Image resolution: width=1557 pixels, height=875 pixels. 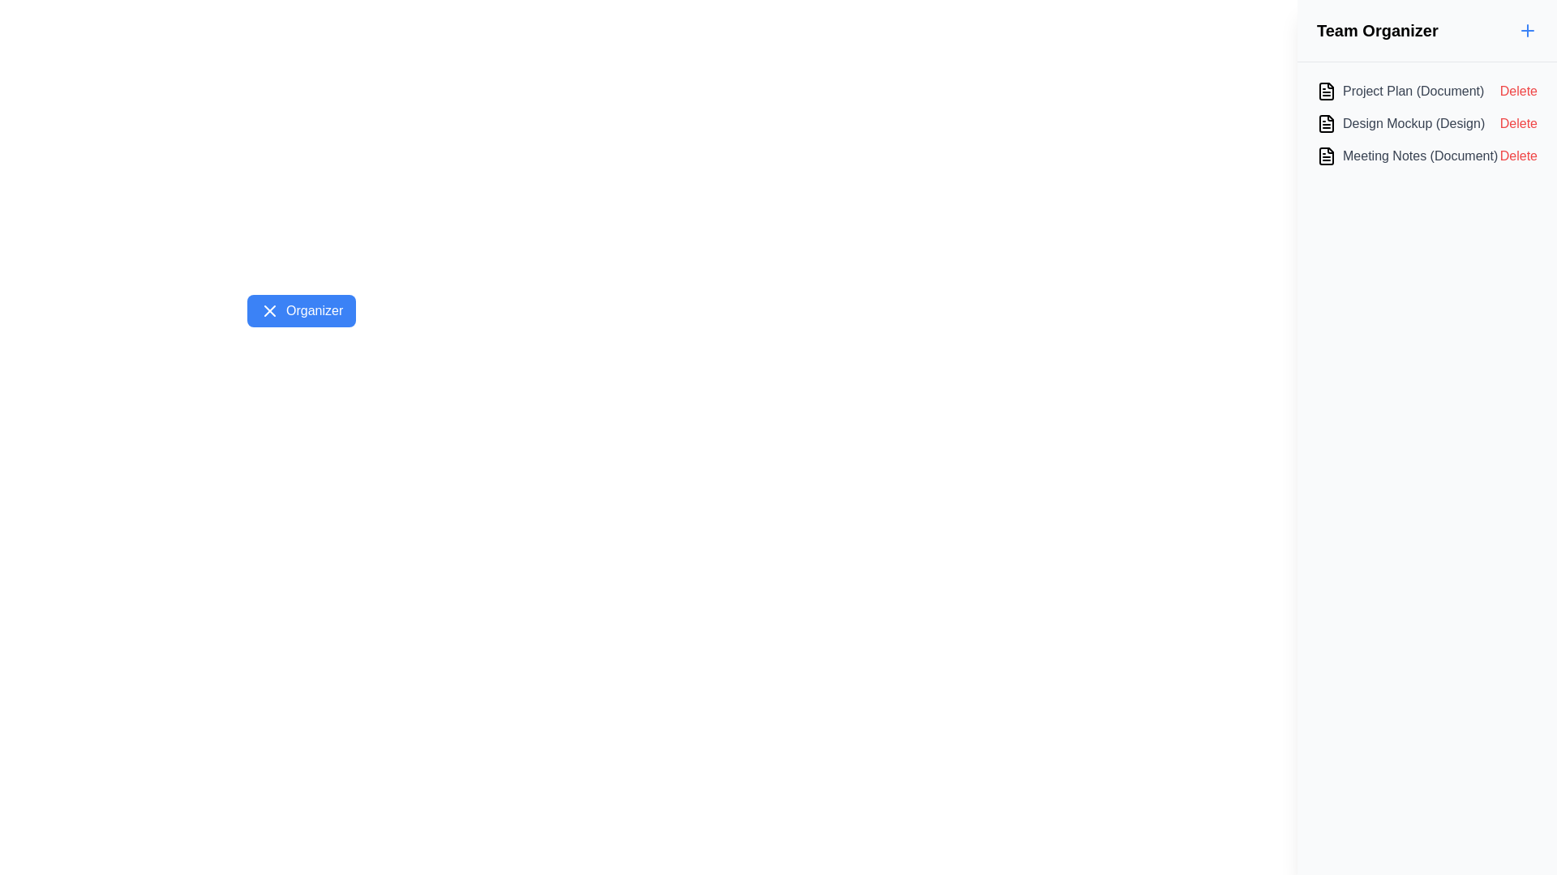 I want to click on the blue 'Organizer' button with white text and an 'X' icon, so click(x=302, y=311).